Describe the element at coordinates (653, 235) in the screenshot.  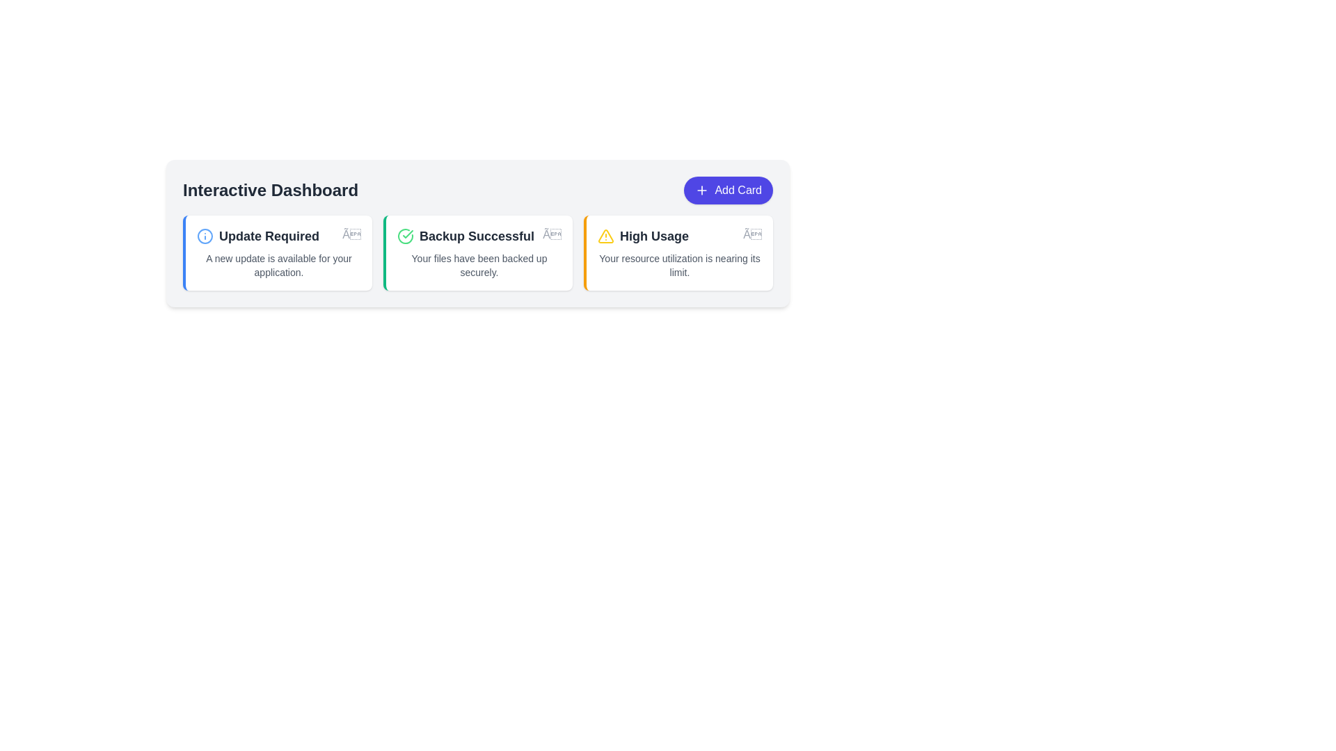
I see `the title text element of the notification card that indicates resource usage nearing its limit, located in the third card from the left within a row of notification cards` at that location.